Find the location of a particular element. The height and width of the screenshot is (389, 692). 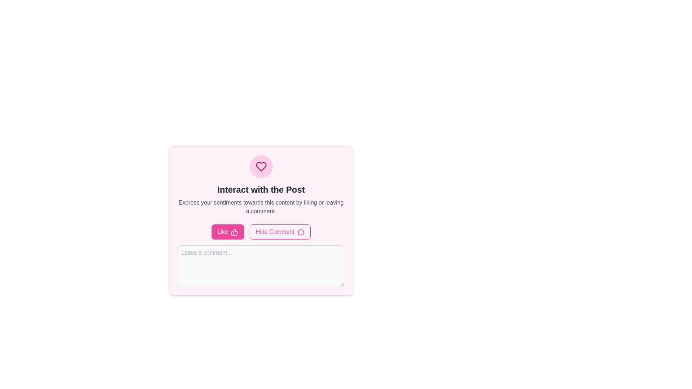

the thumbs up icon located within the 'Like' button at the bottom center of the interface is located at coordinates (234, 232).